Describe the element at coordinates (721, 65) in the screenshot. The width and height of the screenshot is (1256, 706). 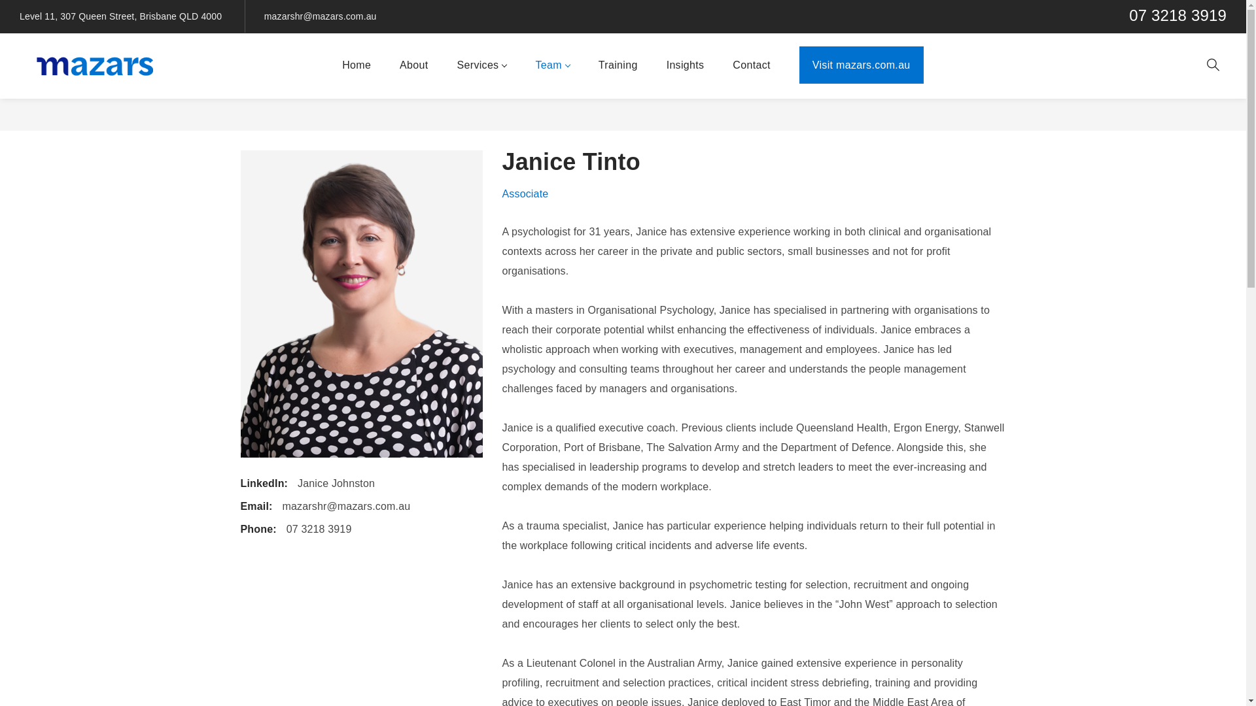
I see `'Contact'` at that location.